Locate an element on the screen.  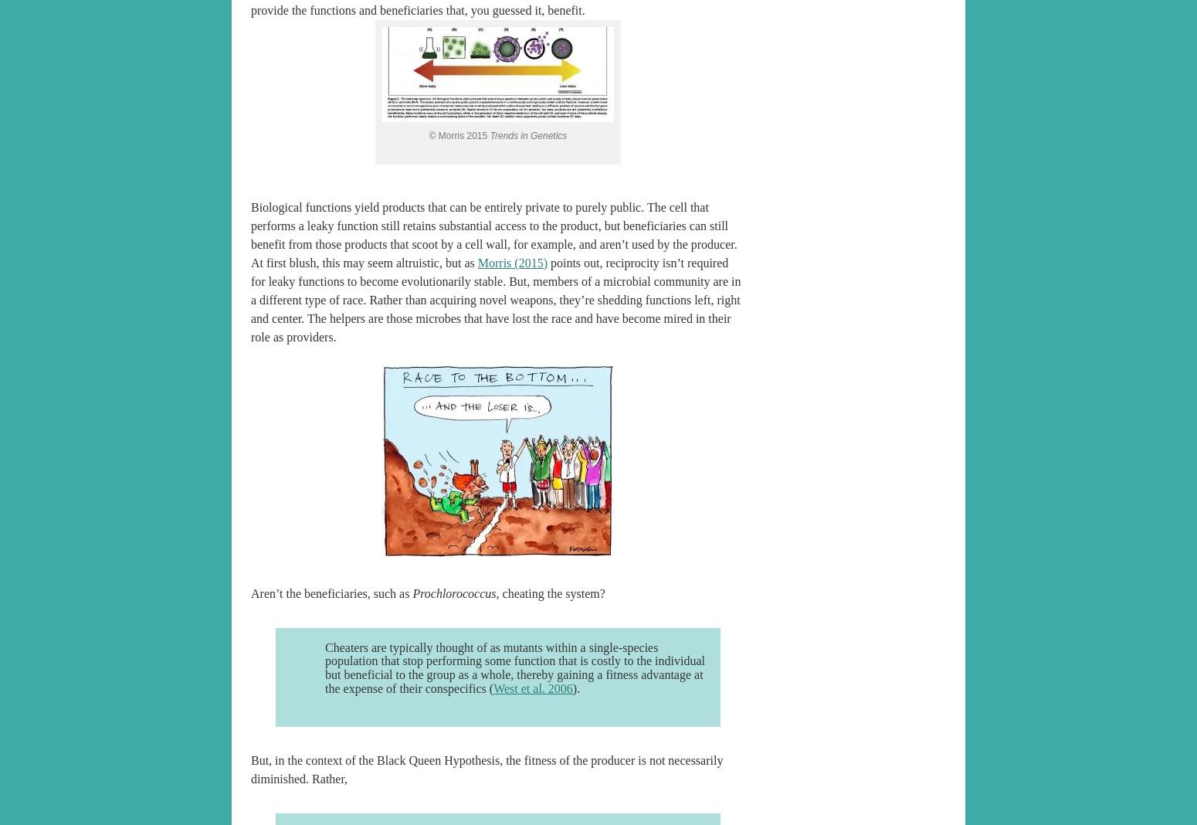
', cheating the system?' is located at coordinates (550, 592).